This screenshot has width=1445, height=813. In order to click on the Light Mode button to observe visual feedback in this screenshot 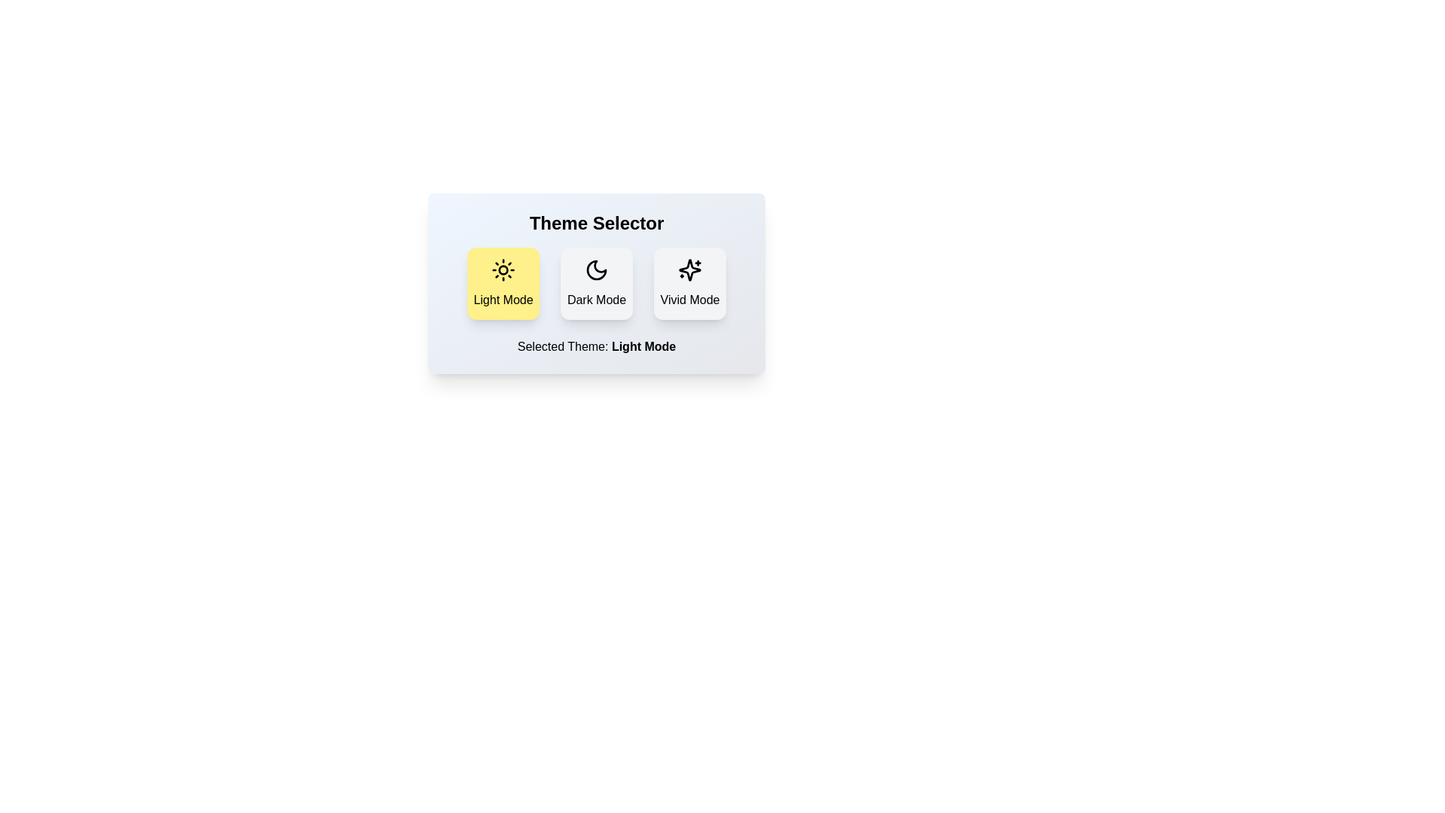, I will do `click(503, 284)`.